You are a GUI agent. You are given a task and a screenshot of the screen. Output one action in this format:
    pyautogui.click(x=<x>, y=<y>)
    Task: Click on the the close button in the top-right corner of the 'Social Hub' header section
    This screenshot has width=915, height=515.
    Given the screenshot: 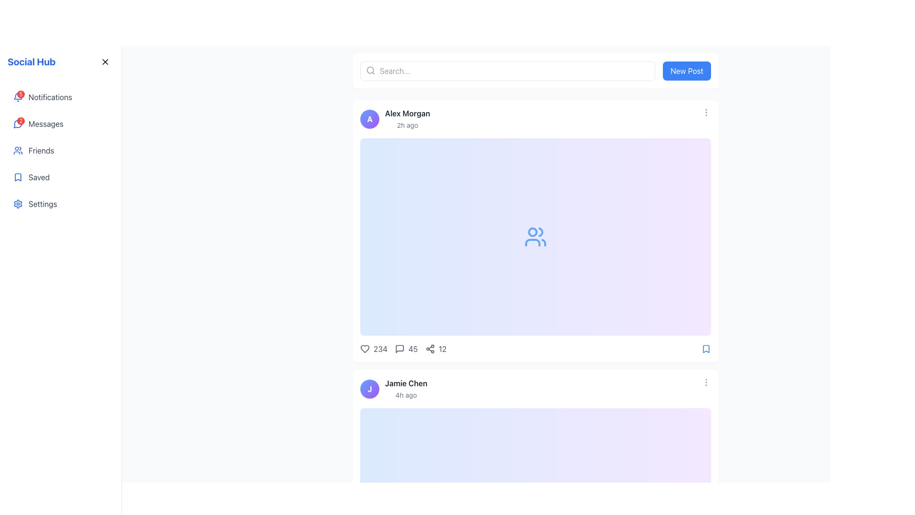 What is the action you would take?
    pyautogui.click(x=105, y=62)
    